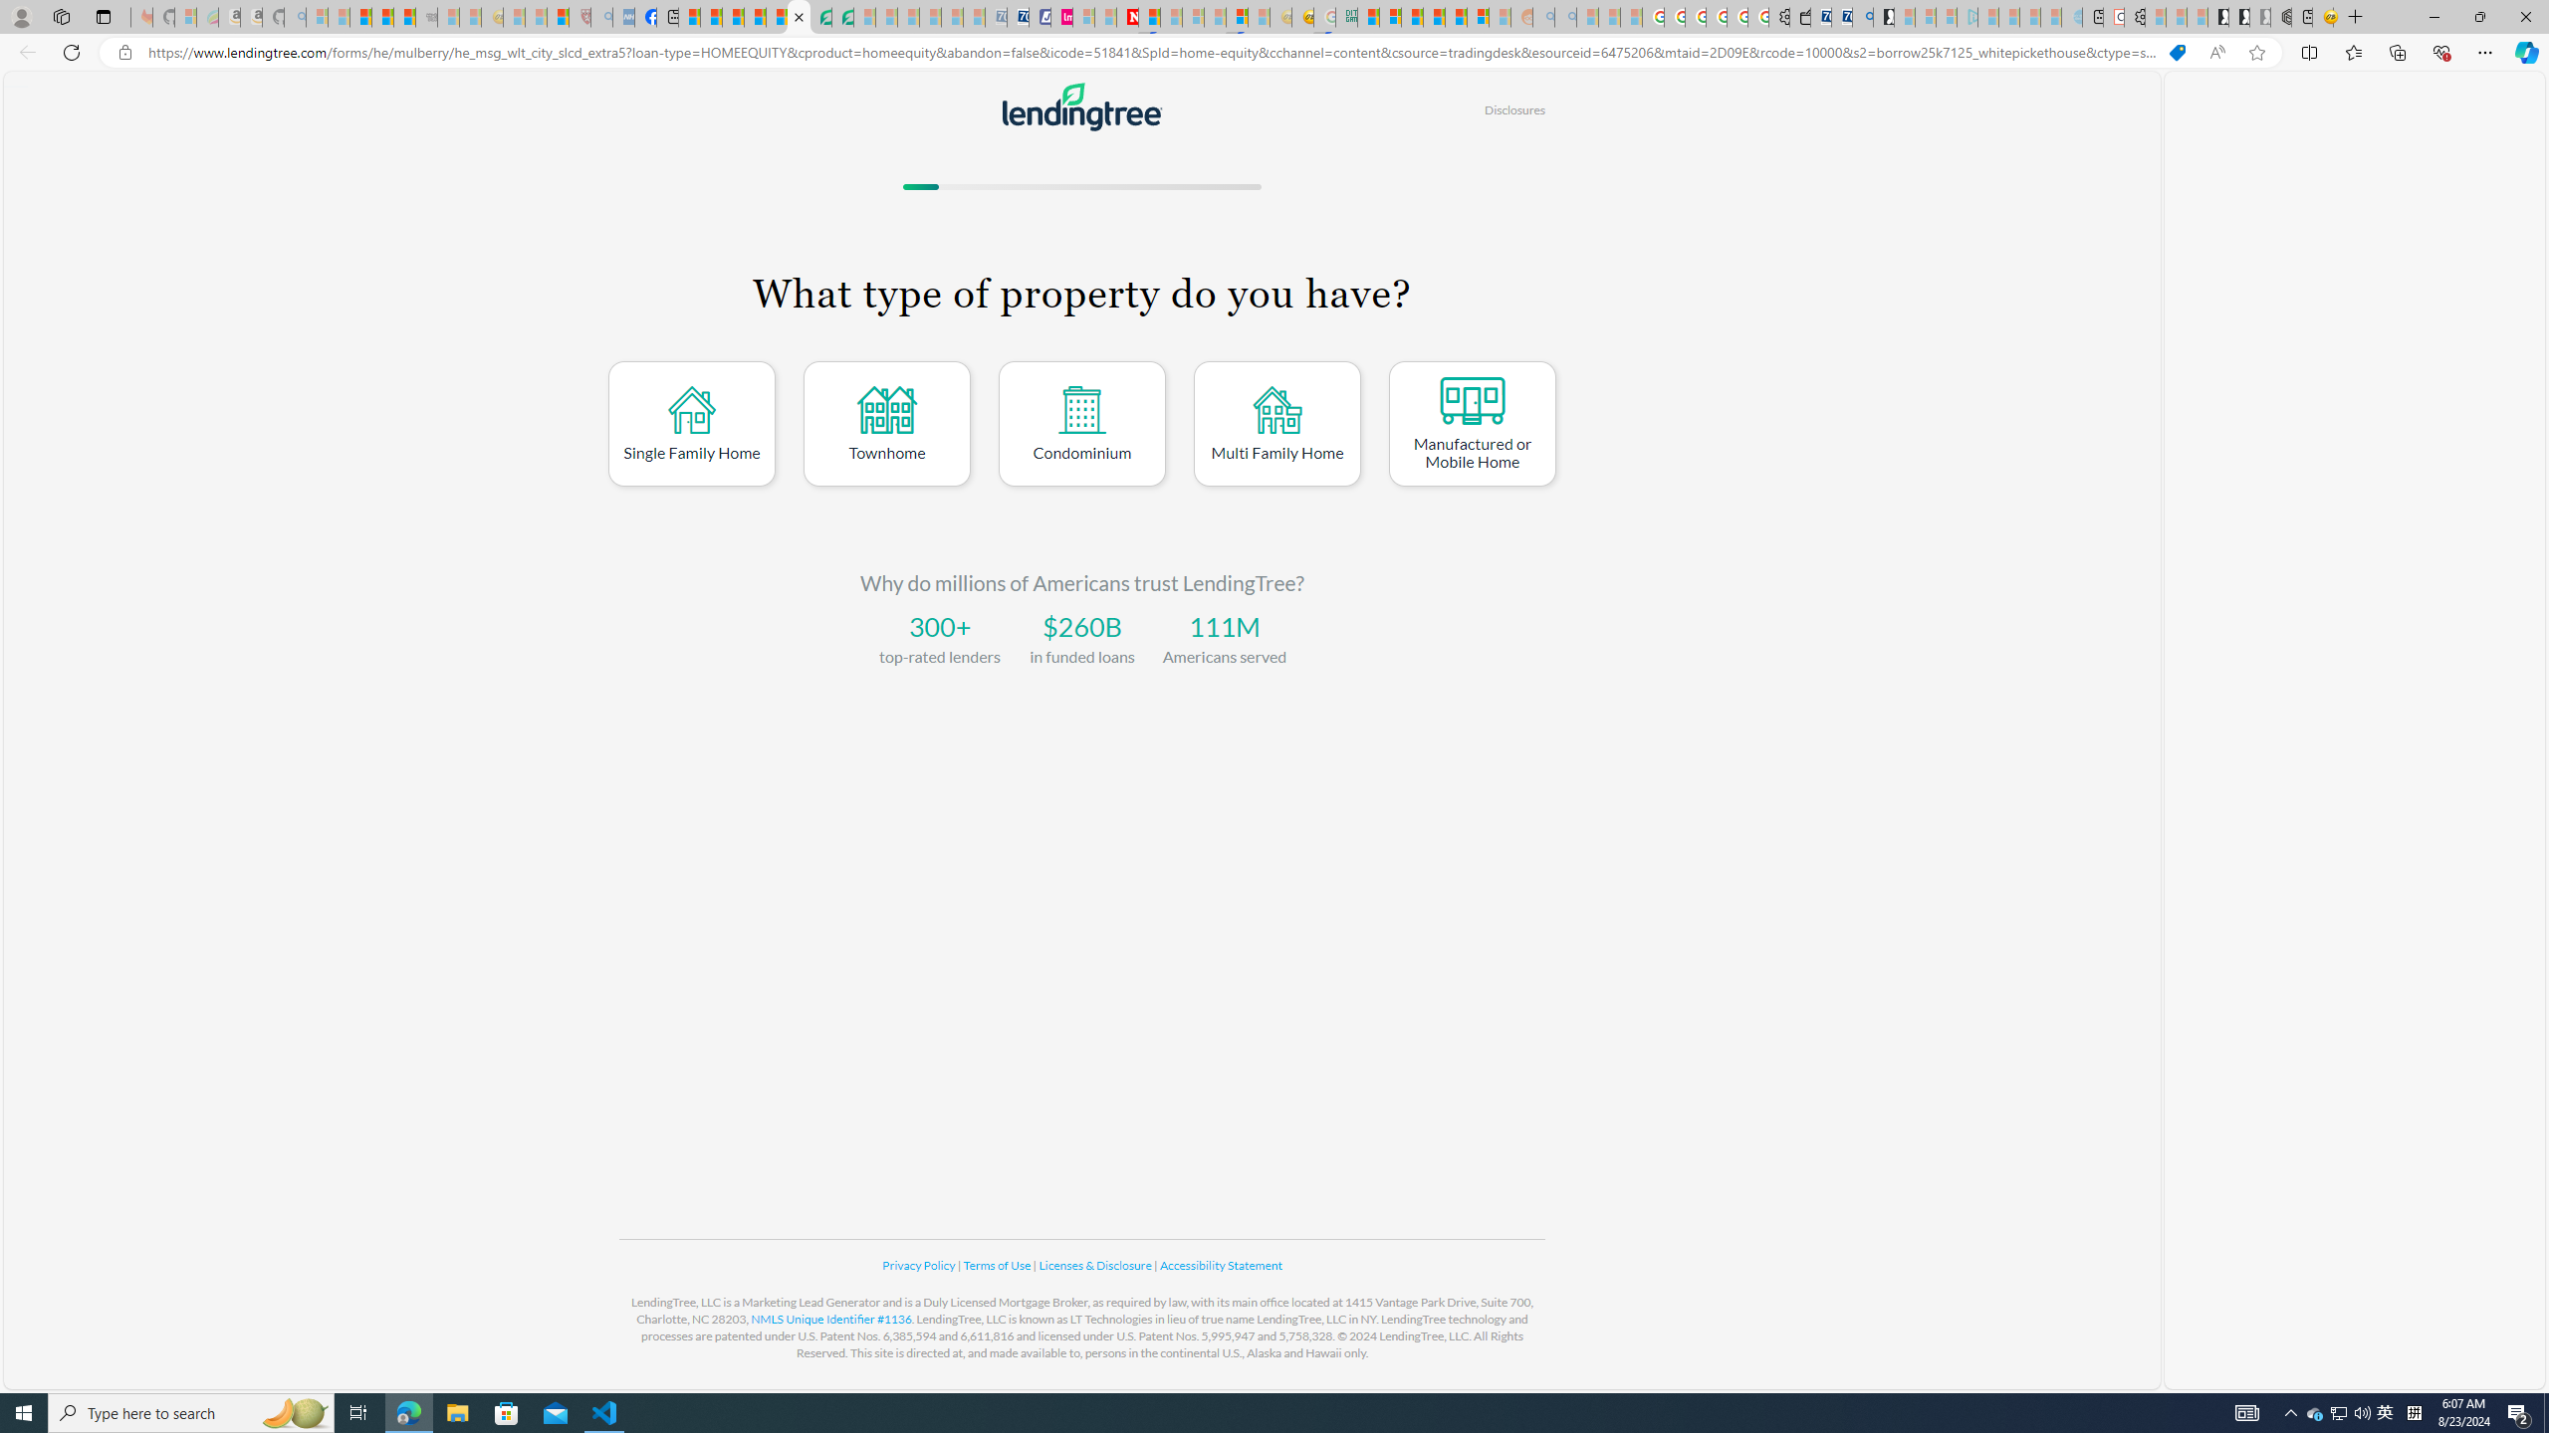 This screenshot has height=1433, width=2549. What do you see at coordinates (1060, 16) in the screenshot?
I see `'Jobs - lastminute.com Investor Portal'` at bounding box center [1060, 16].